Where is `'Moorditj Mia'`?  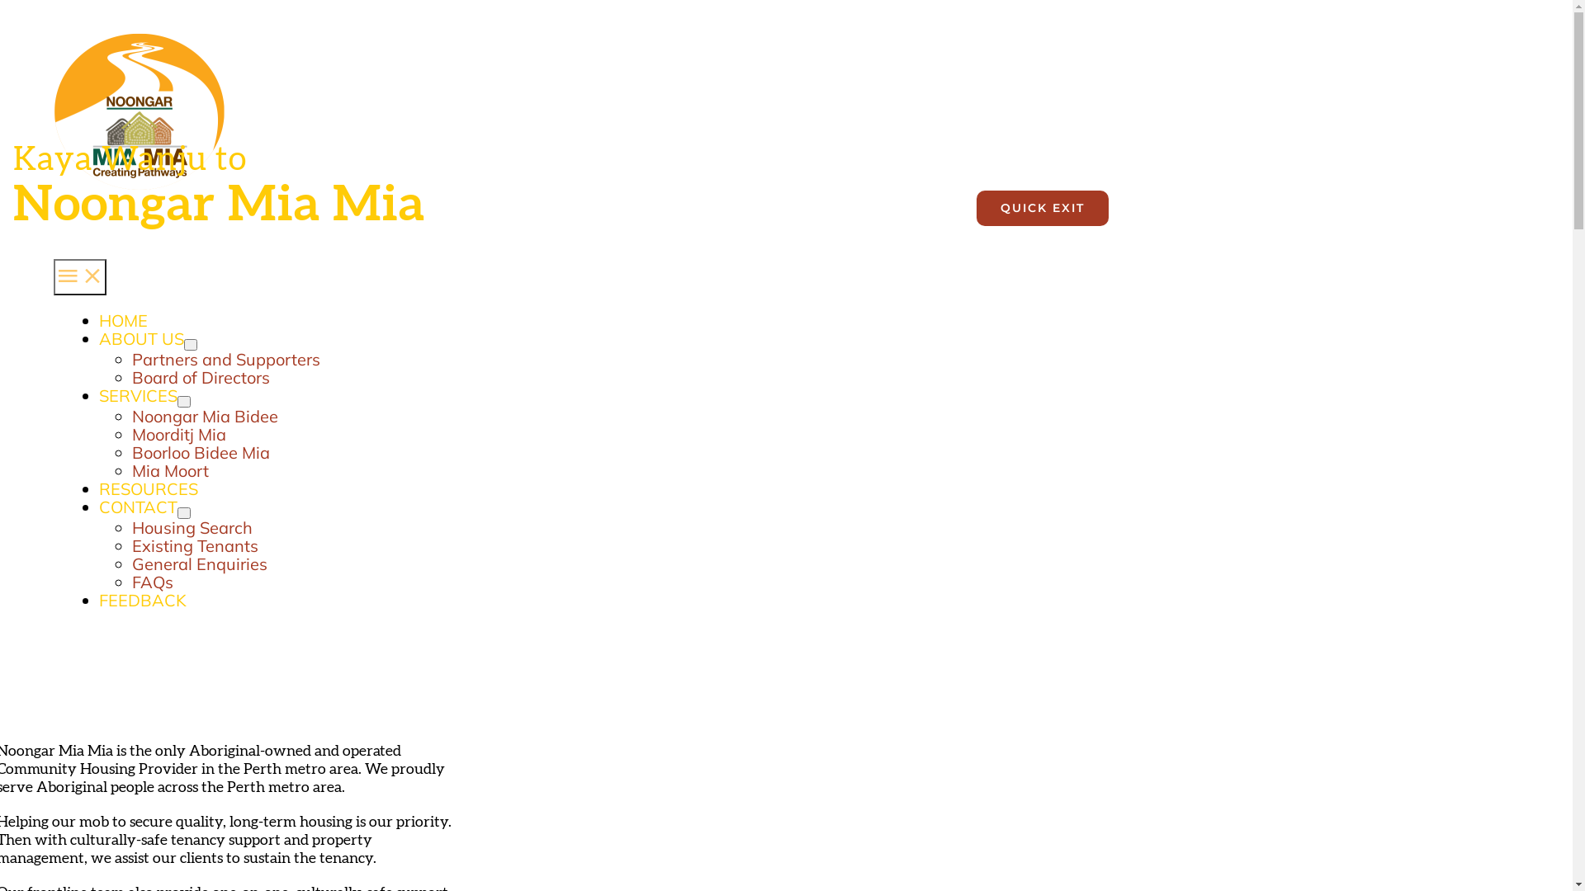
'Moorditj Mia' is located at coordinates (178, 433).